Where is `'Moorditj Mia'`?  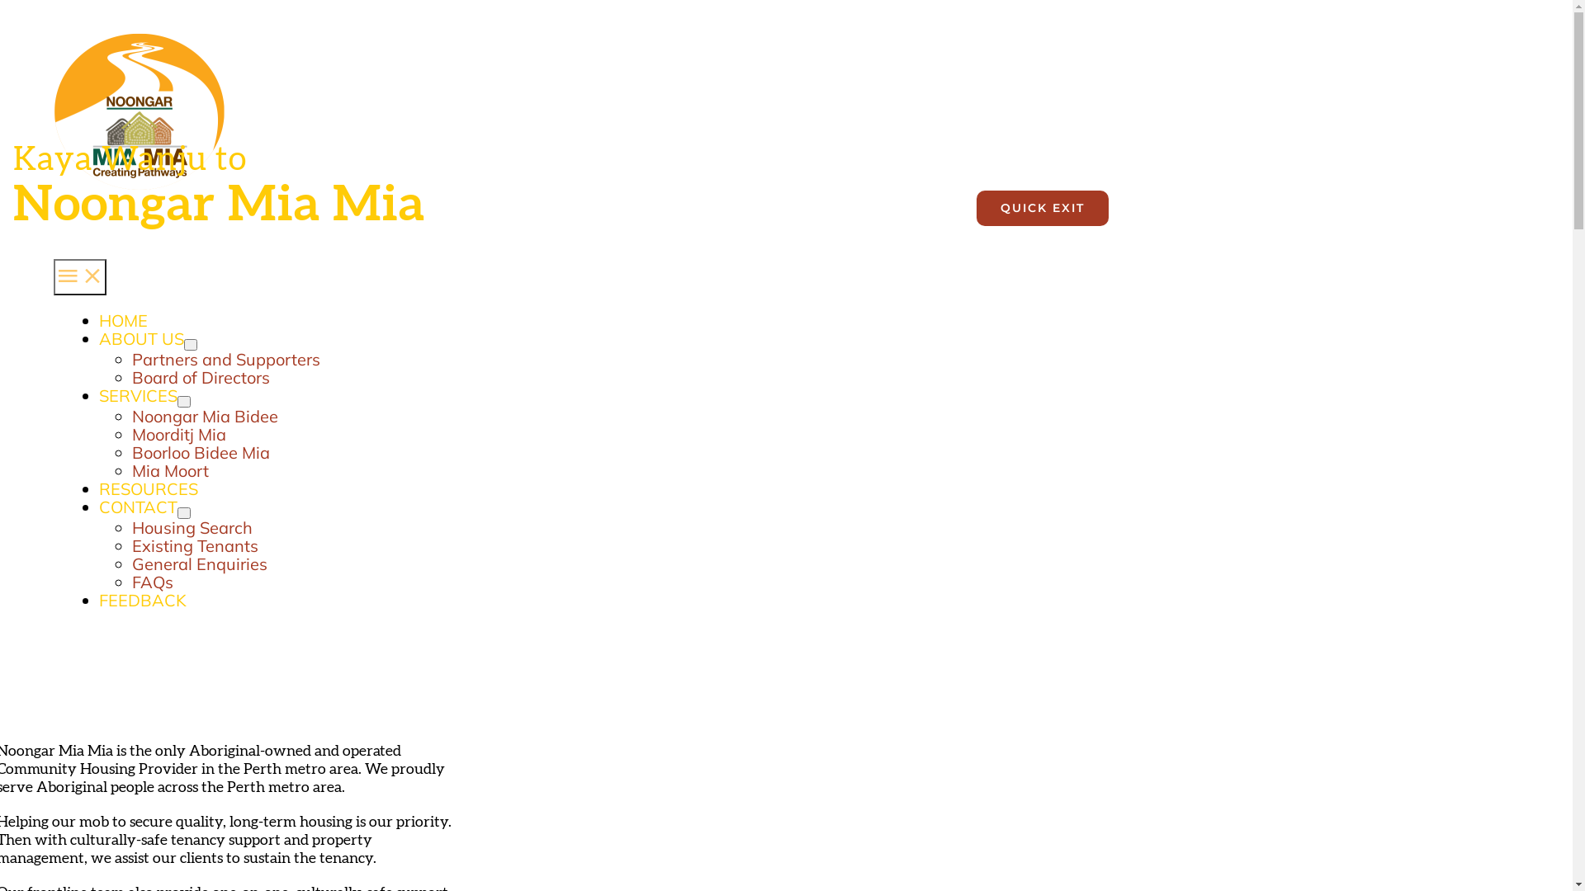
'Moorditj Mia' is located at coordinates (178, 433).